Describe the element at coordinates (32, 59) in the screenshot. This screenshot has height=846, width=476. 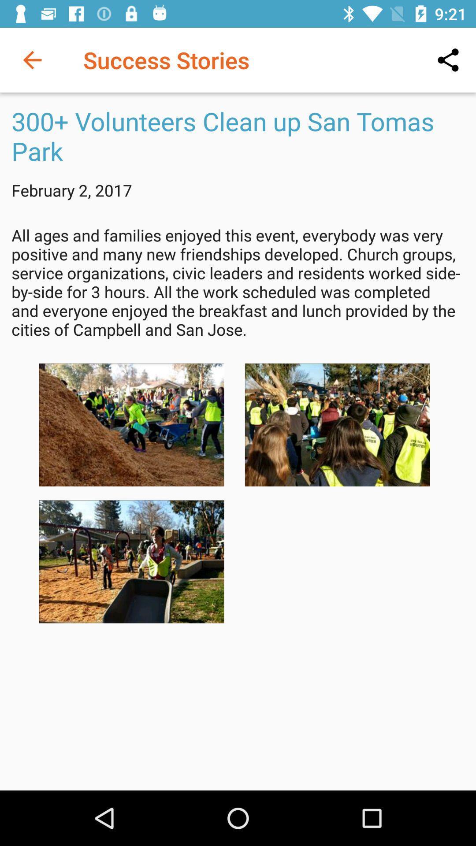
I see `item at the top left corner` at that location.